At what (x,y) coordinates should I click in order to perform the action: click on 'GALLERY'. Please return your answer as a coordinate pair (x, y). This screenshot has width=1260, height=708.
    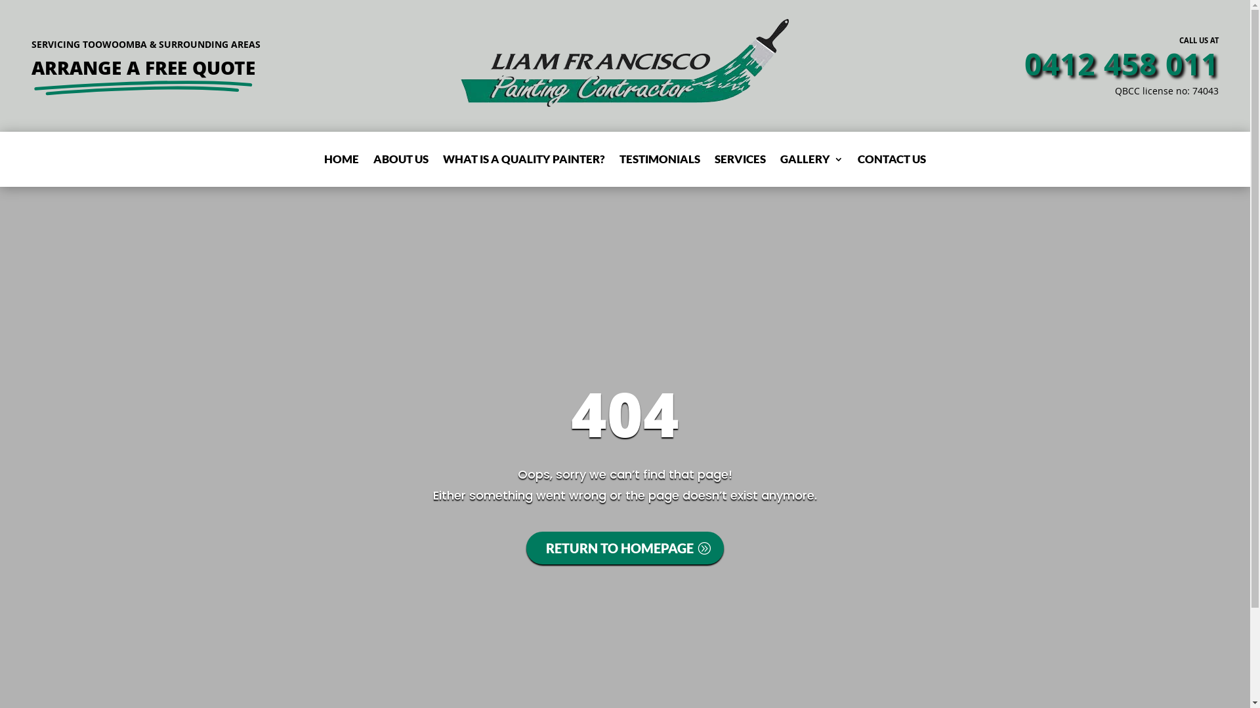
    Looking at the image, I should click on (811, 161).